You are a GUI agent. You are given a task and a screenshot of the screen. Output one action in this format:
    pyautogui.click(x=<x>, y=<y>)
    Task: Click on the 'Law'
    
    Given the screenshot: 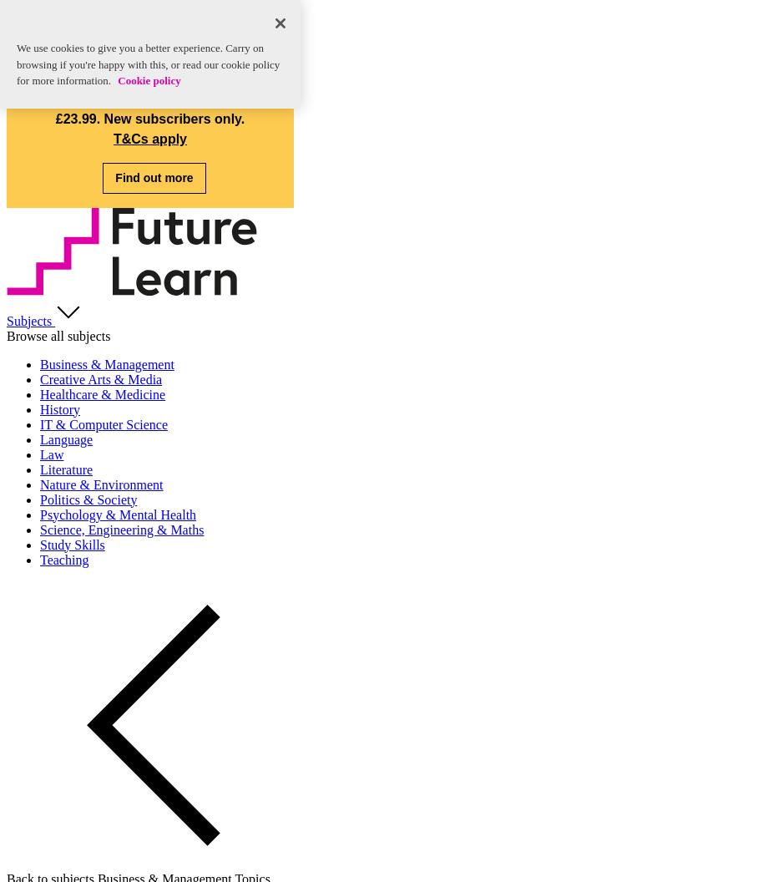 What is the action you would take?
    pyautogui.click(x=52, y=454)
    